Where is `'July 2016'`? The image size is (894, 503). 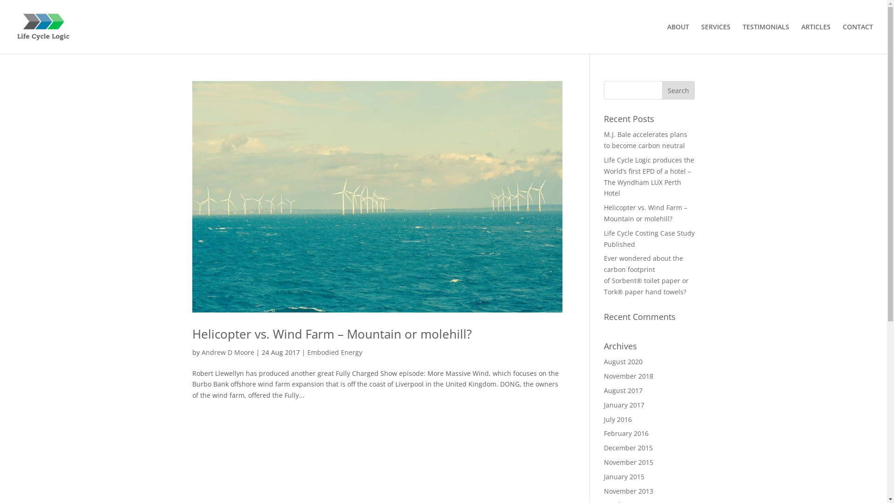 'July 2016' is located at coordinates (617, 419).